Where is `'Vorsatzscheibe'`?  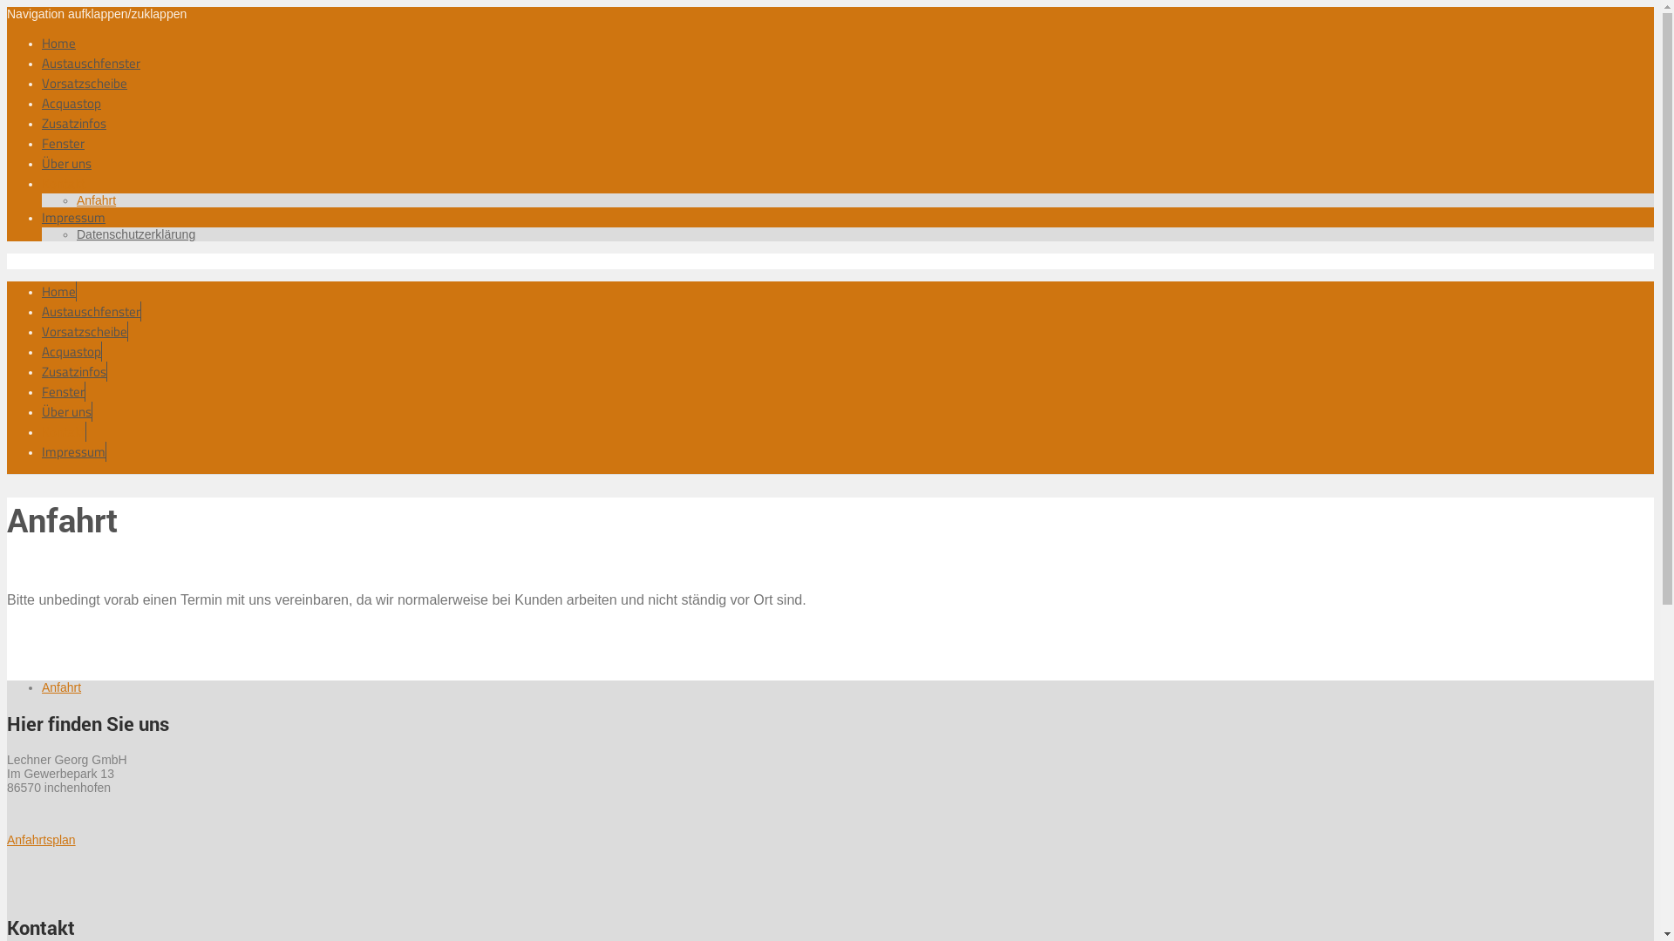
'Vorsatzscheibe' is located at coordinates (84, 331).